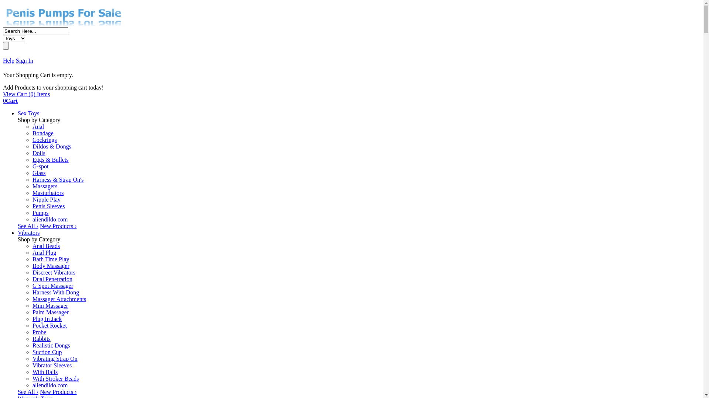 This screenshot has width=709, height=398. Describe the element at coordinates (38, 153) in the screenshot. I see `'Dolls'` at that location.